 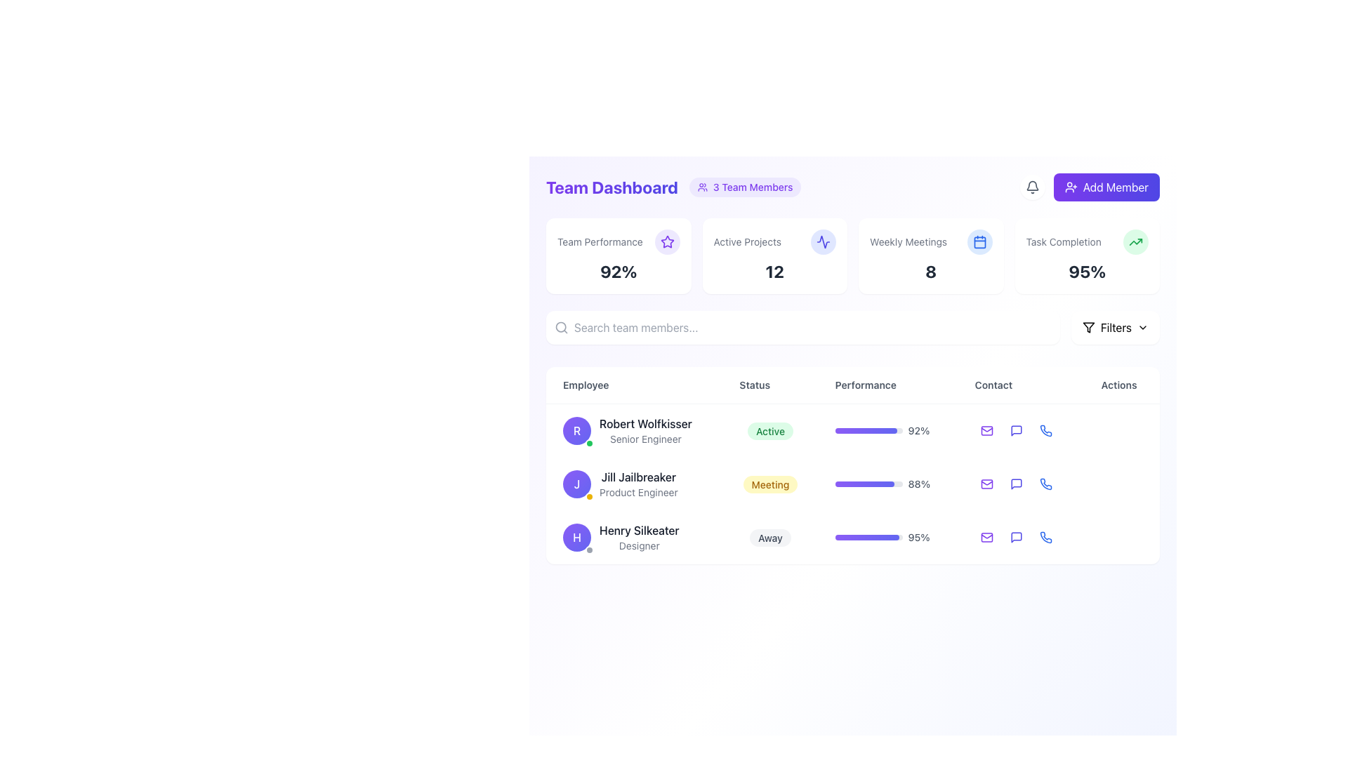 I want to click on the blue phone icon in the 'Contact' section for 'Henry Silkeater' to initiate an action, so click(x=1045, y=484).